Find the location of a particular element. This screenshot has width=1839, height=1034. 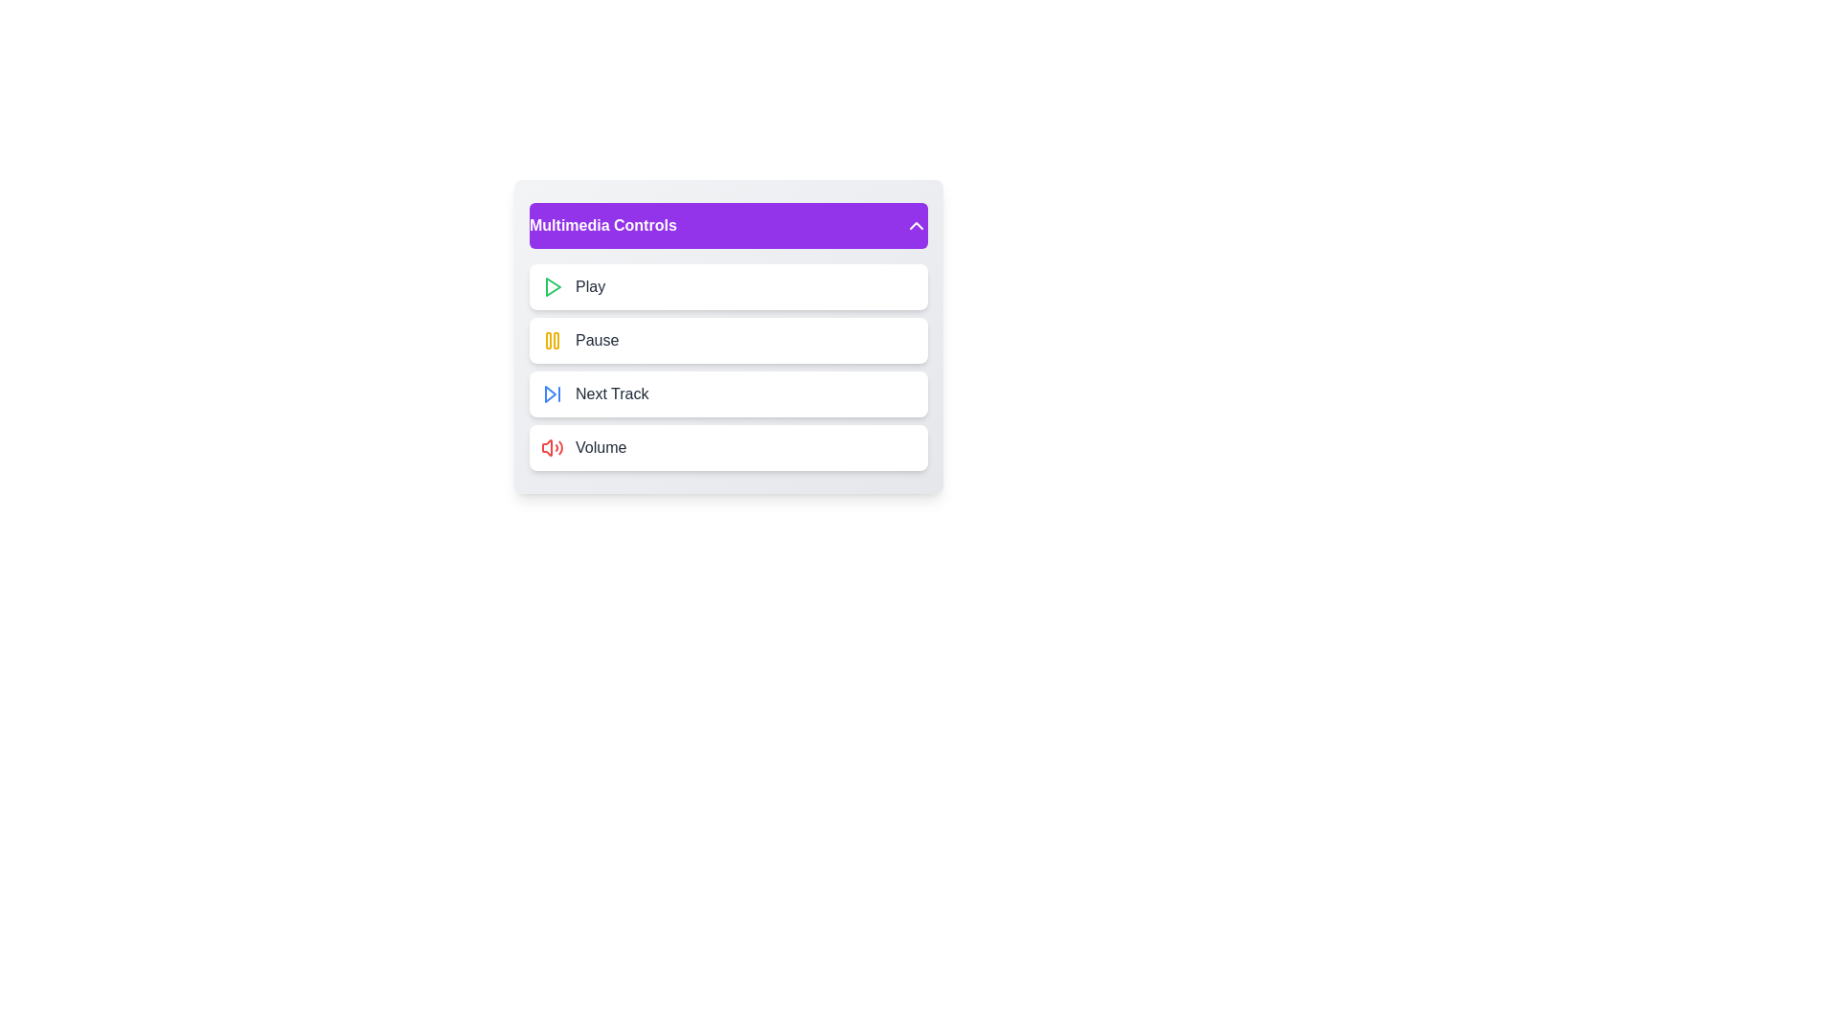

the 'Volume' text label, which is styled with a gray font color and medium weight, located to the right of a sound-related icon within the 'Multimedia Controls' menu is located at coordinates (600, 447).